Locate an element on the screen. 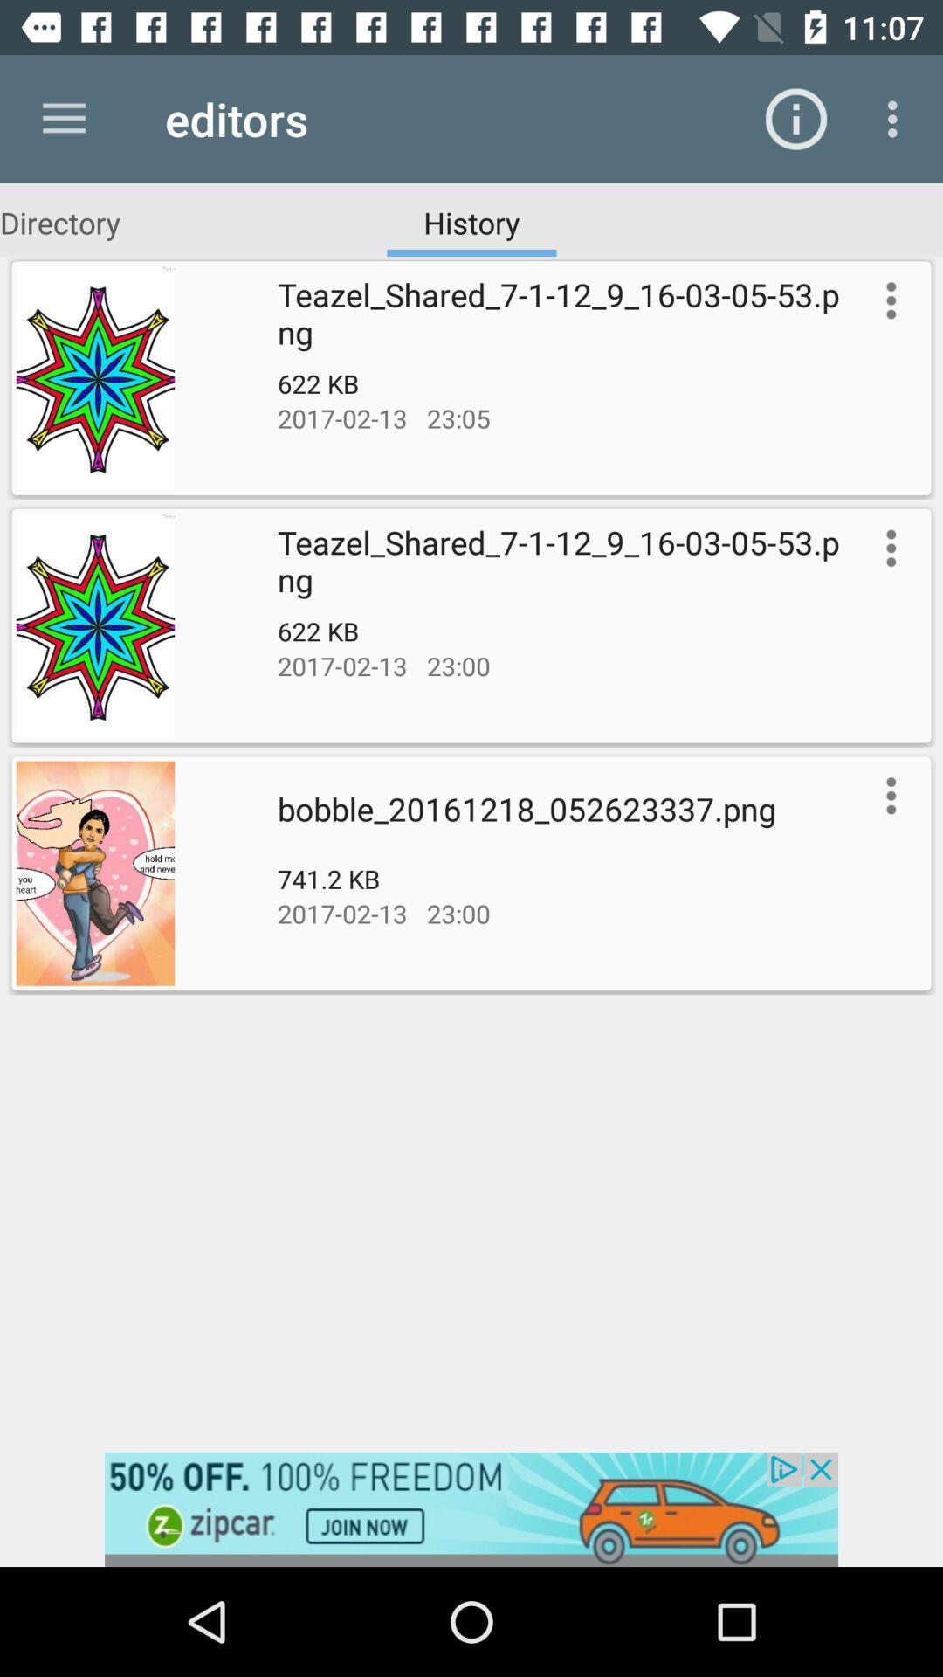 This screenshot has height=1677, width=943. more options is located at coordinates (887, 300).